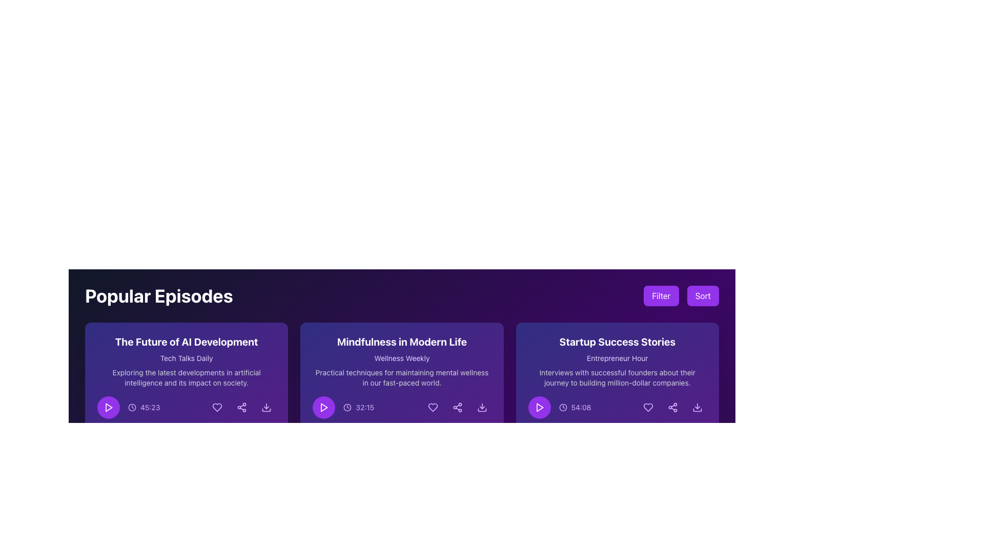 This screenshot has height=553, width=984. I want to click on the play button located at the bottom-left corner of the 'Mindfulness in Modern Life' card to initiate media playback for the episode, so click(323, 407).